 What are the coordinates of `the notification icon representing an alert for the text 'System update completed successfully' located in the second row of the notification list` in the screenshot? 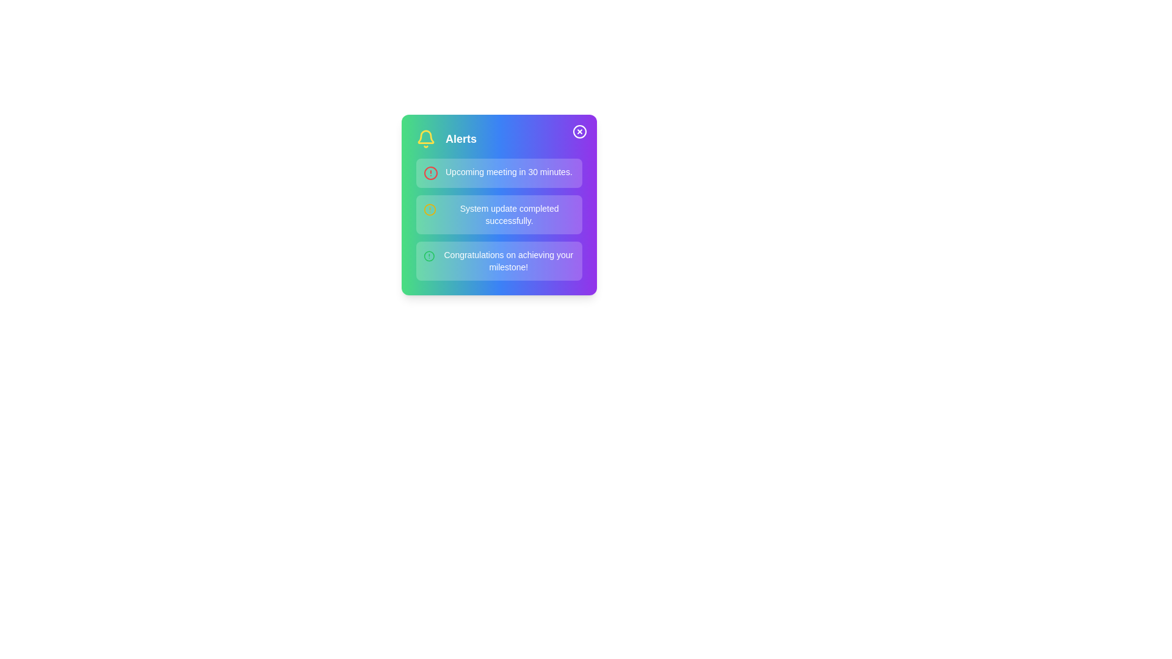 It's located at (430, 209).